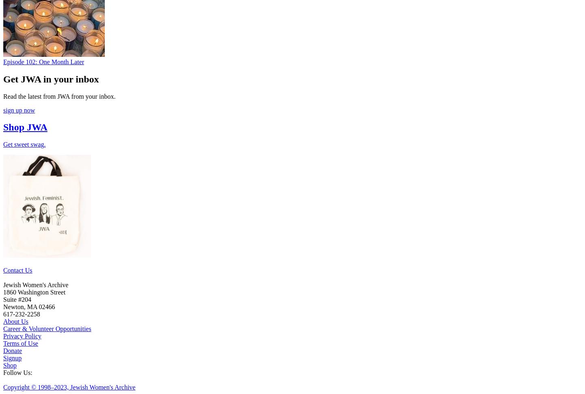 This screenshot has width=585, height=394. Describe the element at coordinates (47, 329) in the screenshot. I see `'Career & Volunteer Opportunities'` at that location.